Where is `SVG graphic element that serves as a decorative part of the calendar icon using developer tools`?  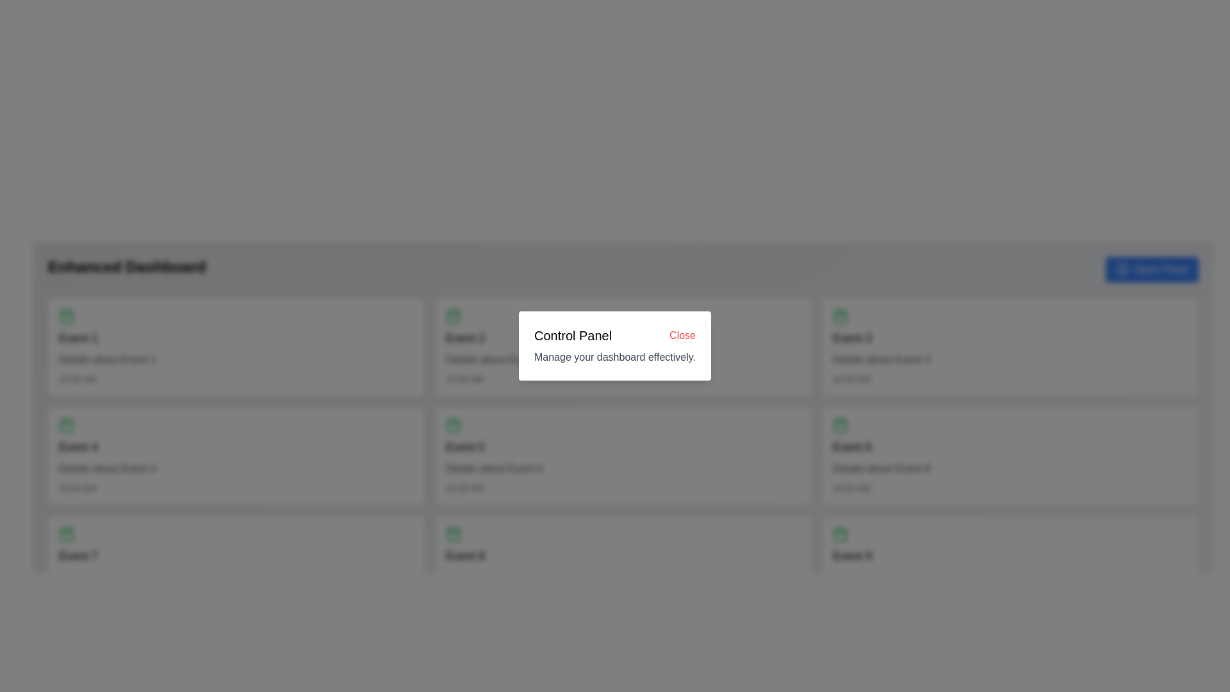 SVG graphic element that serves as a decorative part of the calendar icon using developer tools is located at coordinates (840, 425).